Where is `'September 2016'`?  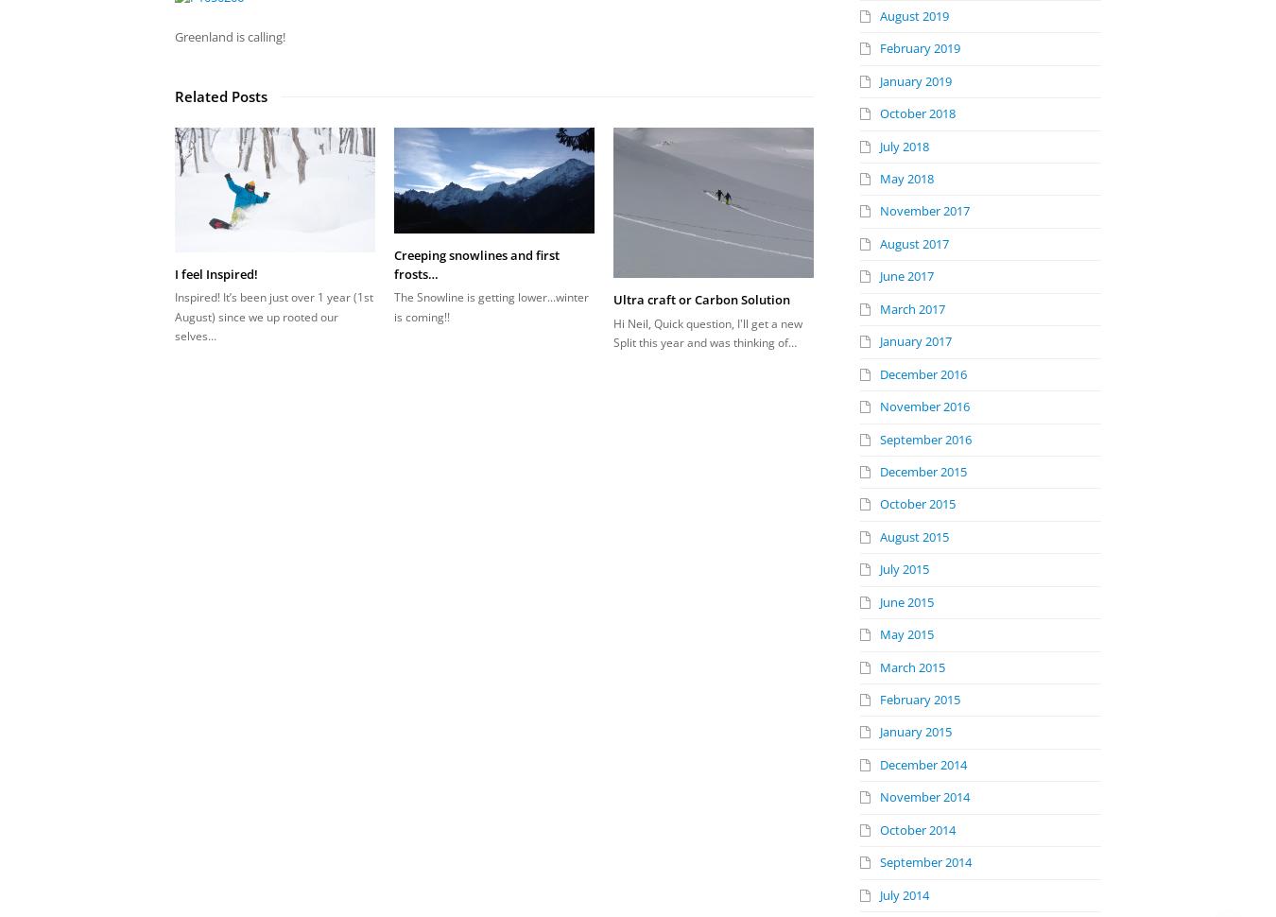 'September 2016' is located at coordinates (924, 438).